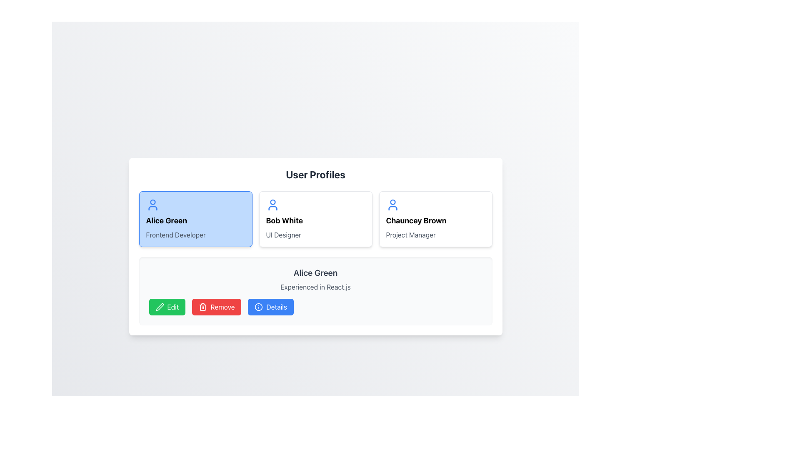 The height and width of the screenshot is (450, 800). Describe the element at coordinates (271, 307) in the screenshot. I see `the 'Details' button, which is the third button in a row of three, featuring a blue background and white text with an information icon` at that location.